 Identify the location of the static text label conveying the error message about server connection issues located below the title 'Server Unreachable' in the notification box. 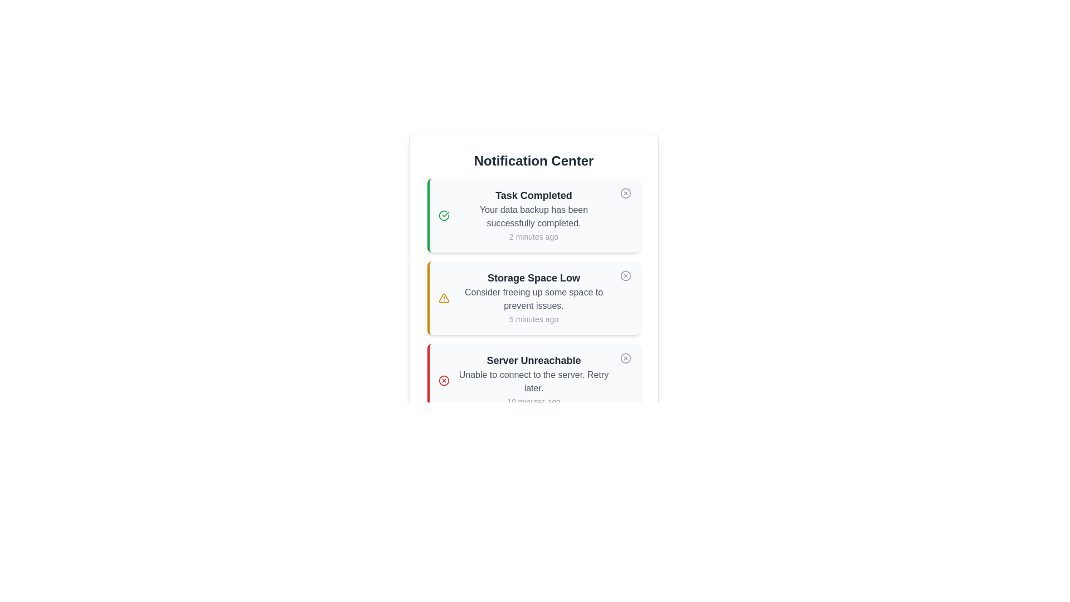
(533, 381).